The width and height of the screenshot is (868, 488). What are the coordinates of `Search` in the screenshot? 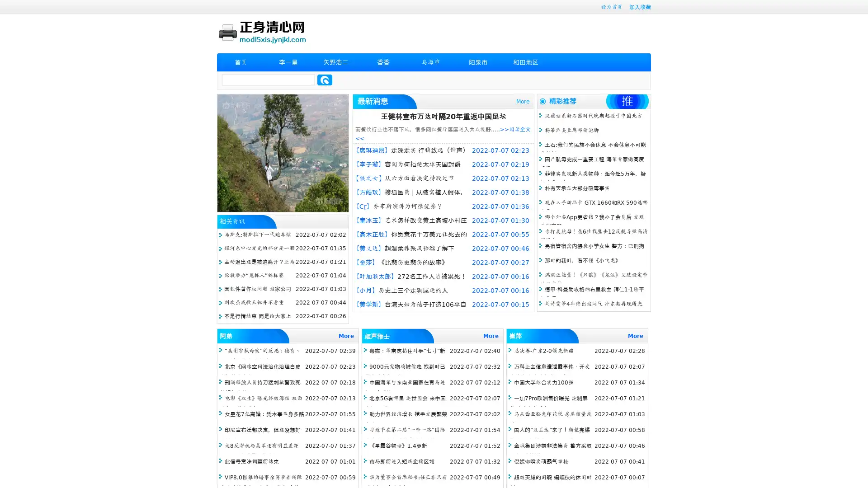 It's located at (325, 80).